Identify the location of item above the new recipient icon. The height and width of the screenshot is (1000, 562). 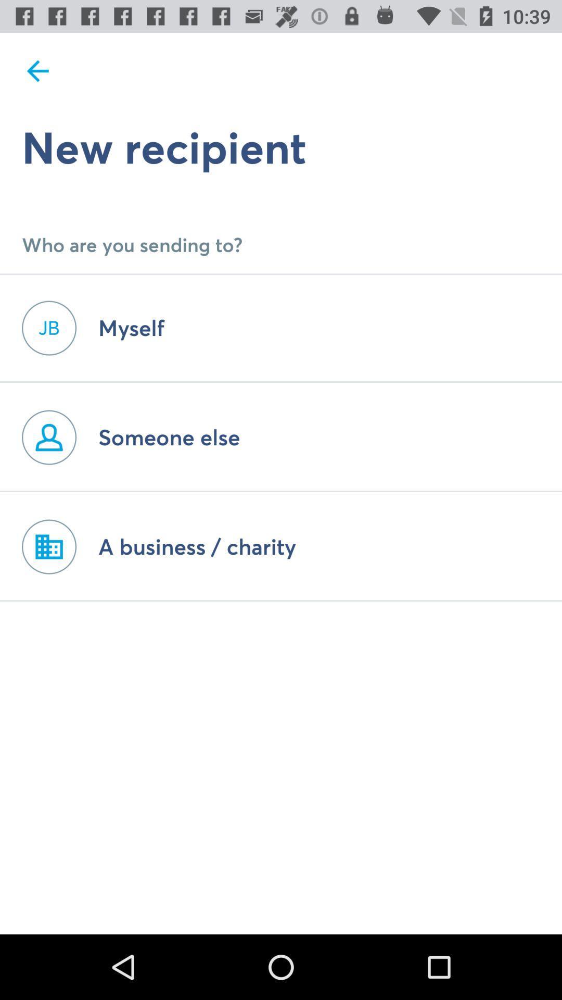
(37, 70).